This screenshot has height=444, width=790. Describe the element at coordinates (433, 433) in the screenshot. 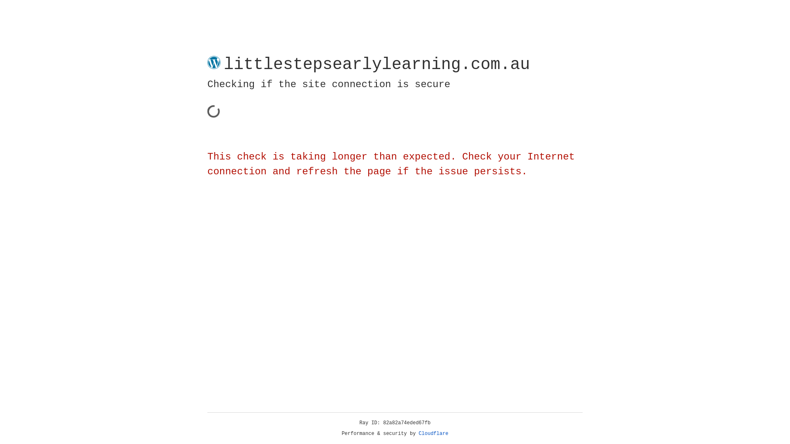

I see `'Cloudflare'` at that location.